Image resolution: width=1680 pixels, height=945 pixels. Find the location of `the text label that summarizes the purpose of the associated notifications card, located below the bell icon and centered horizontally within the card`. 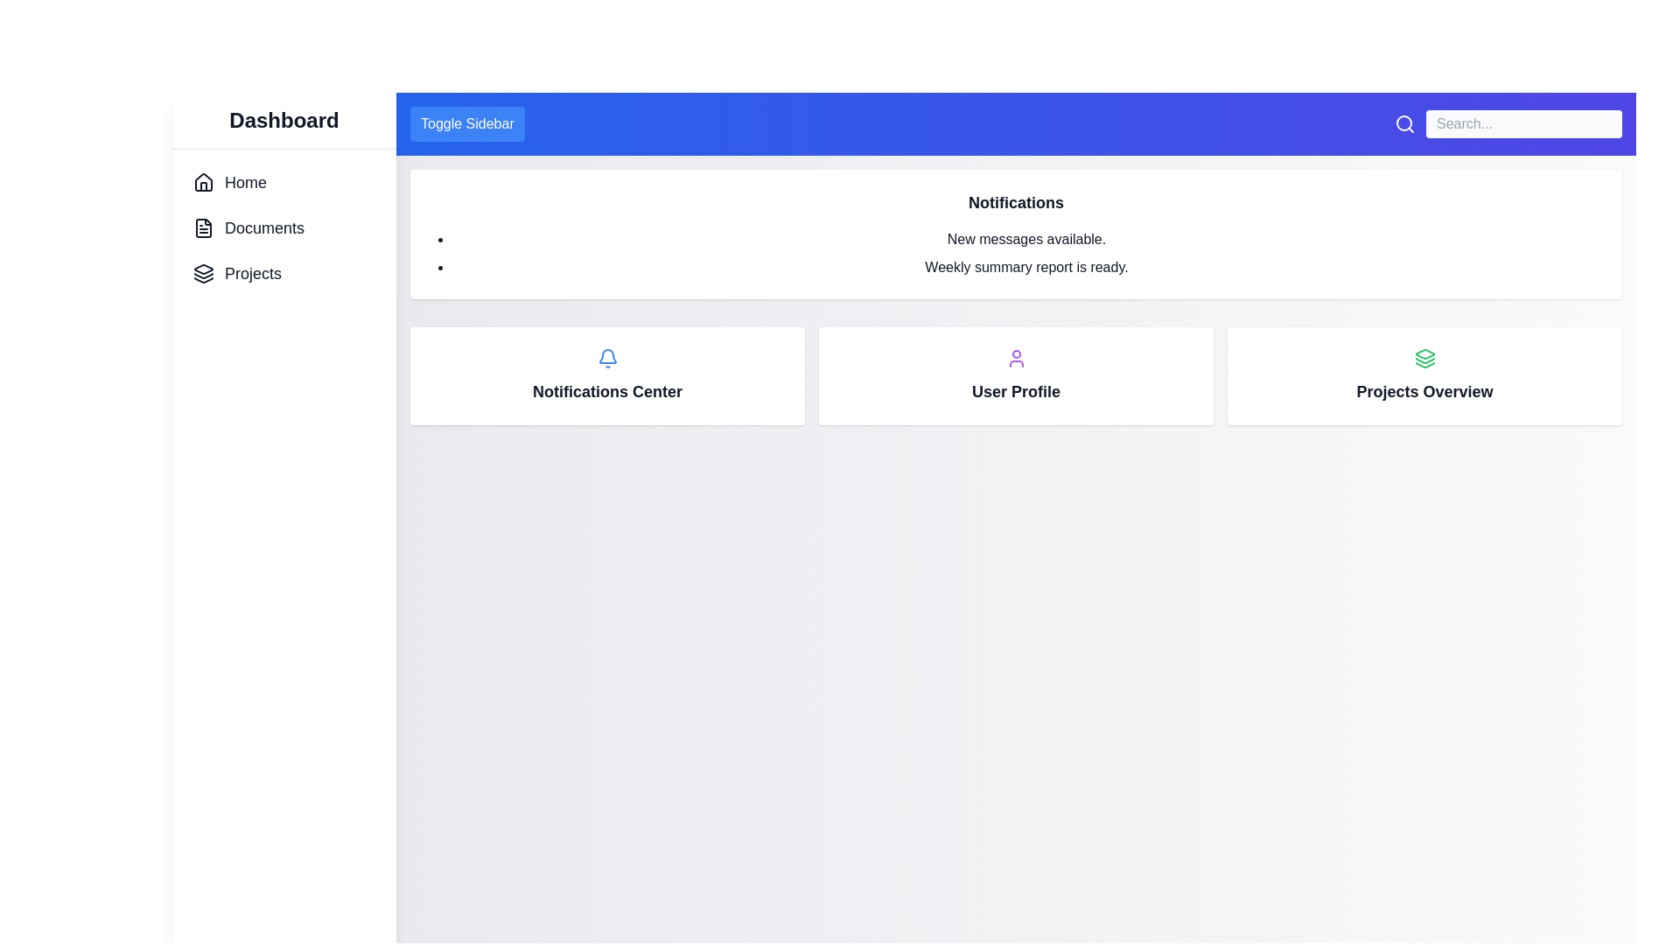

the text label that summarizes the purpose of the associated notifications card, located below the bell icon and centered horizontally within the card is located at coordinates (607, 390).